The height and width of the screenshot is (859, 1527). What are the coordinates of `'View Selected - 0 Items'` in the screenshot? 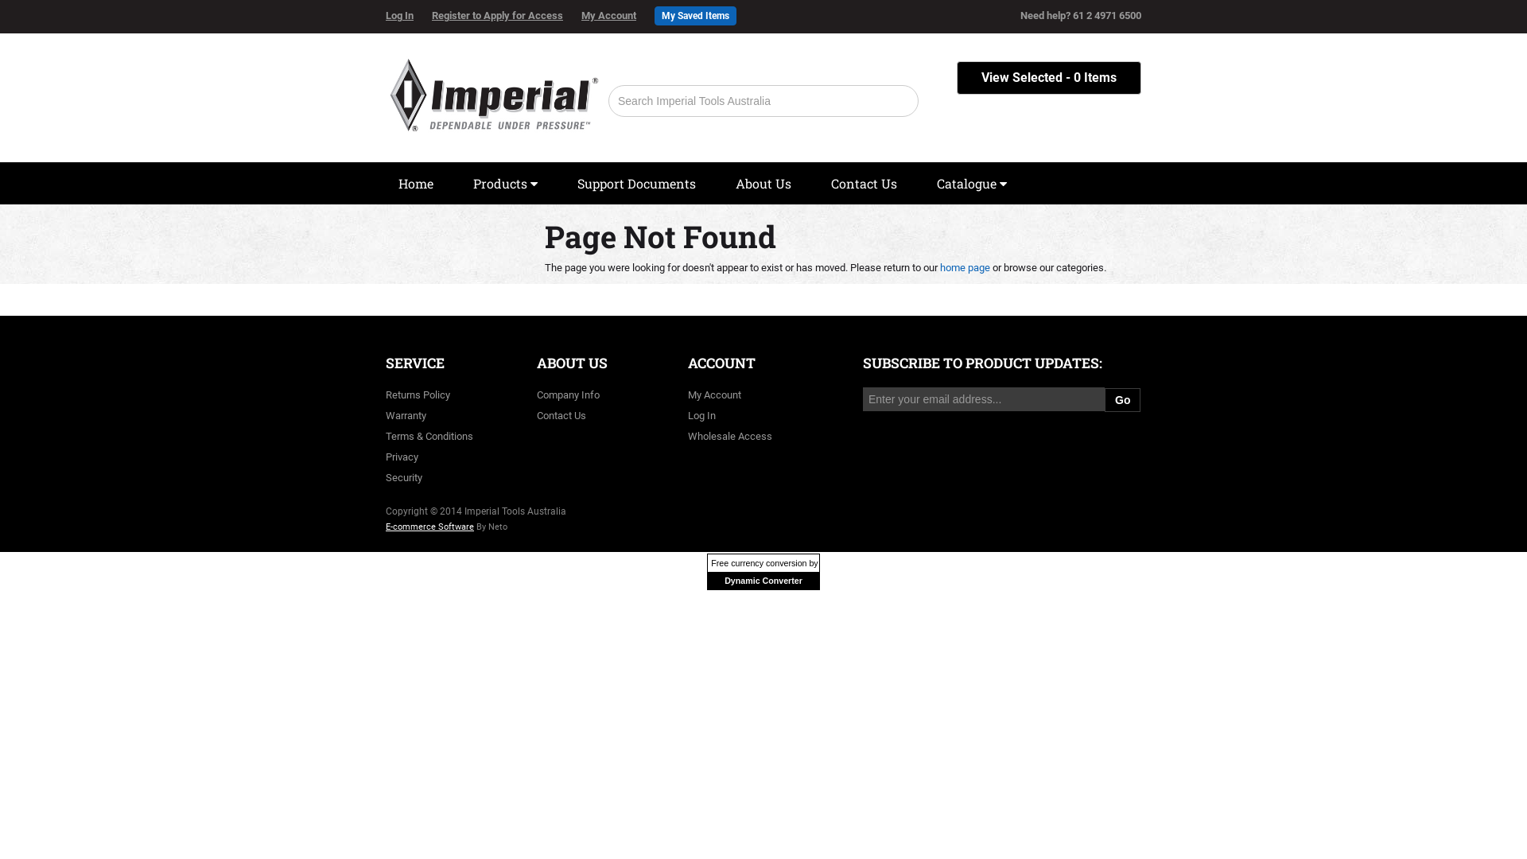 It's located at (956, 77).